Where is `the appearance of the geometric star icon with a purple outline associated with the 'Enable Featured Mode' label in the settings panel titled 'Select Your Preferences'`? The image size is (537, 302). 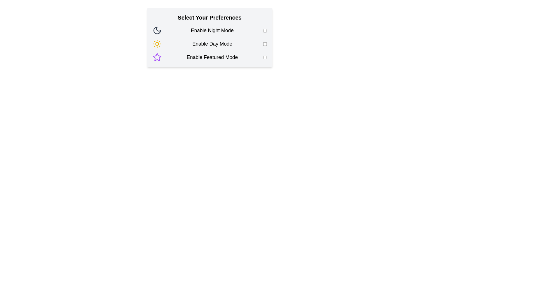
the appearance of the geometric star icon with a purple outline associated with the 'Enable Featured Mode' label in the settings panel titled 'Select Your Preferences' is located at coordinates (157, 57).